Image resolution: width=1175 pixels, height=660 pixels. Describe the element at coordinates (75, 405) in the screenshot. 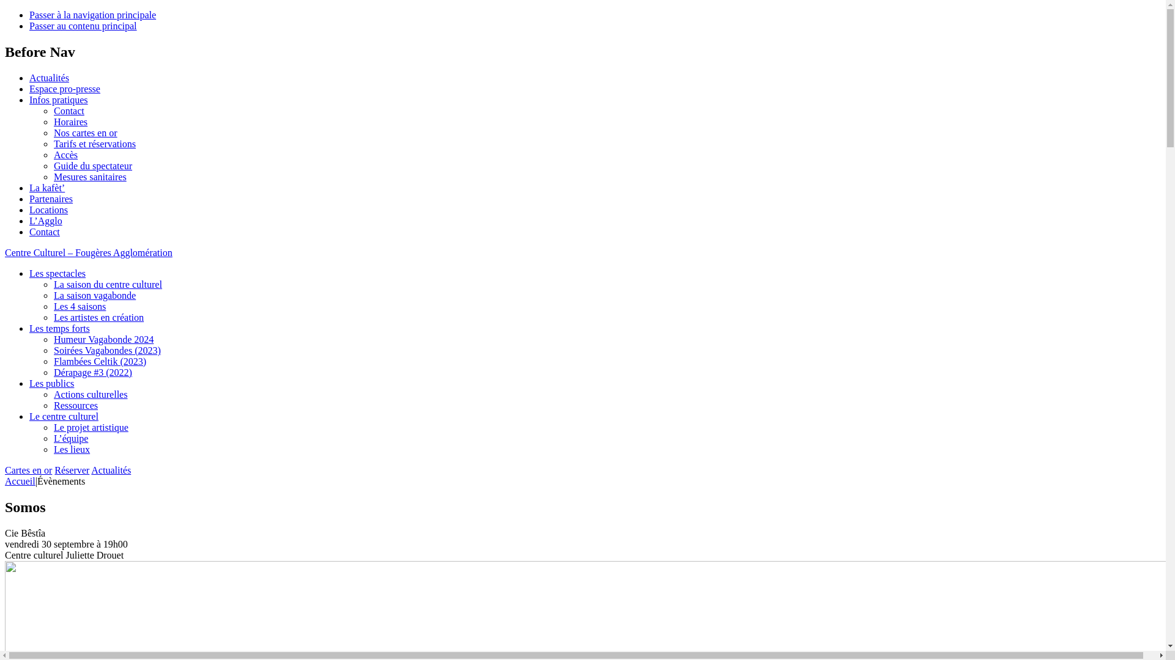

I see `'Ressources'` at that location.